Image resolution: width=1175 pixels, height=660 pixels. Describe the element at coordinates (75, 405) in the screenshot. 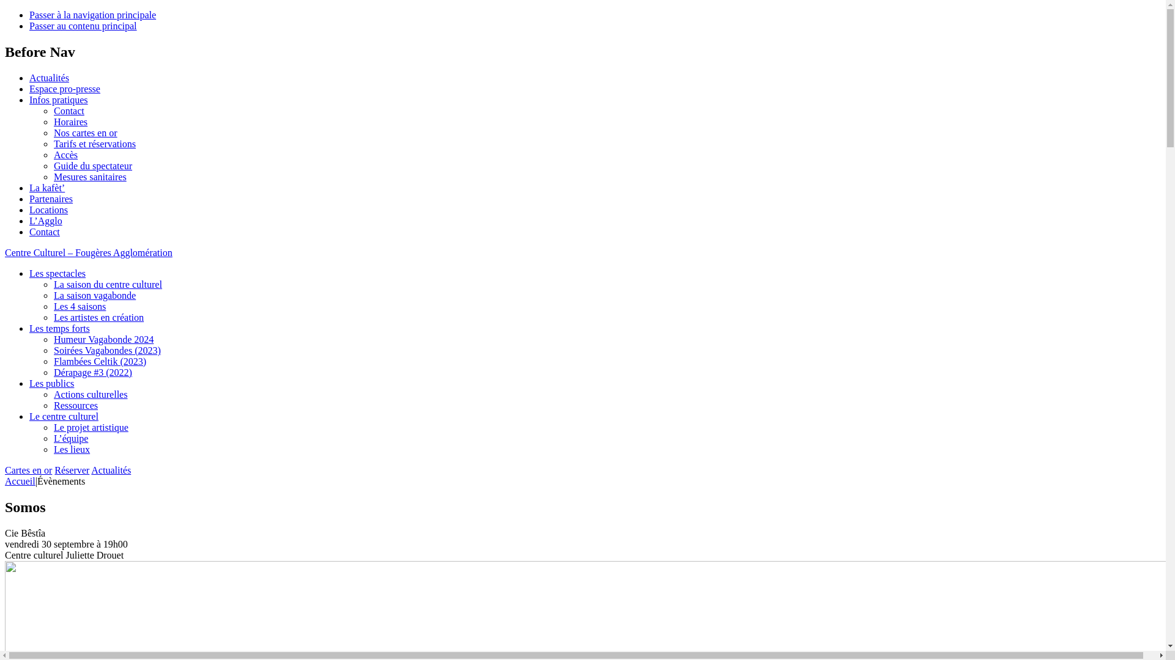

I see `'Ressources'` at that location.